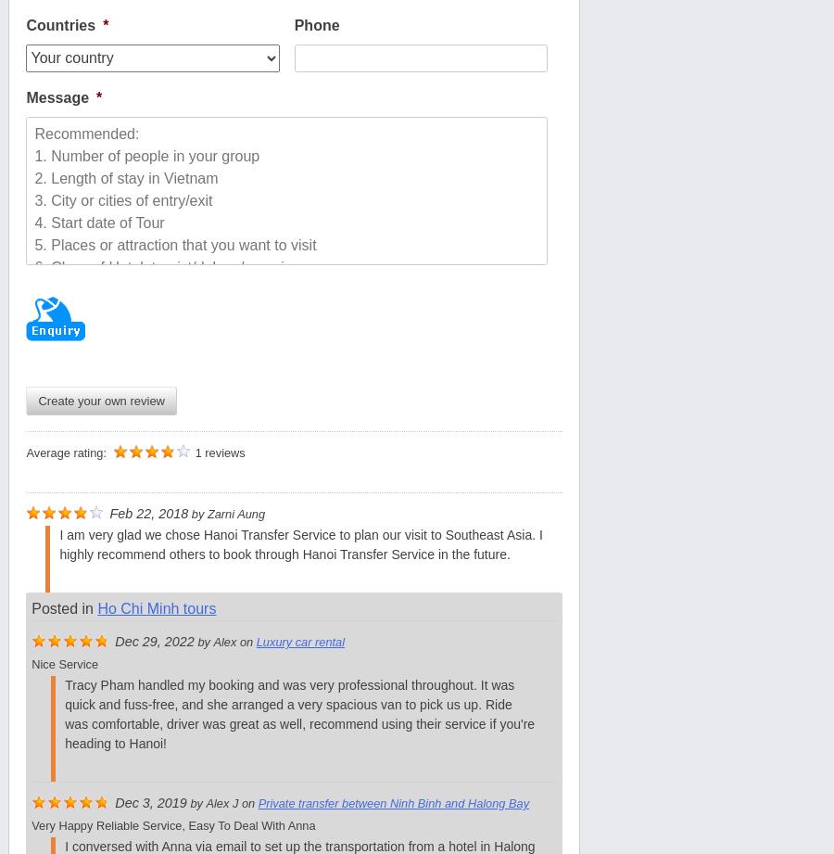 The height and width of the screenshot is (854, 834). Describe the element at coordinates (63, 607) in the screenshot. I see `'Posted in'` at that location.